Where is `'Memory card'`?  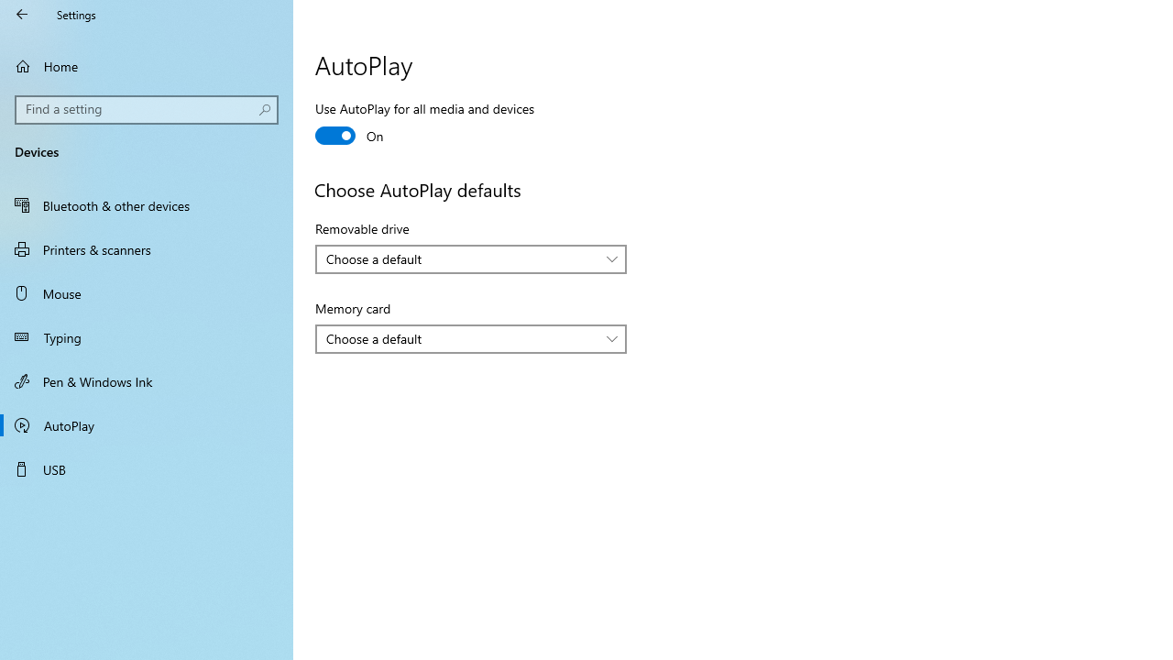 'Memory card' is located at coordinates (470, 339).